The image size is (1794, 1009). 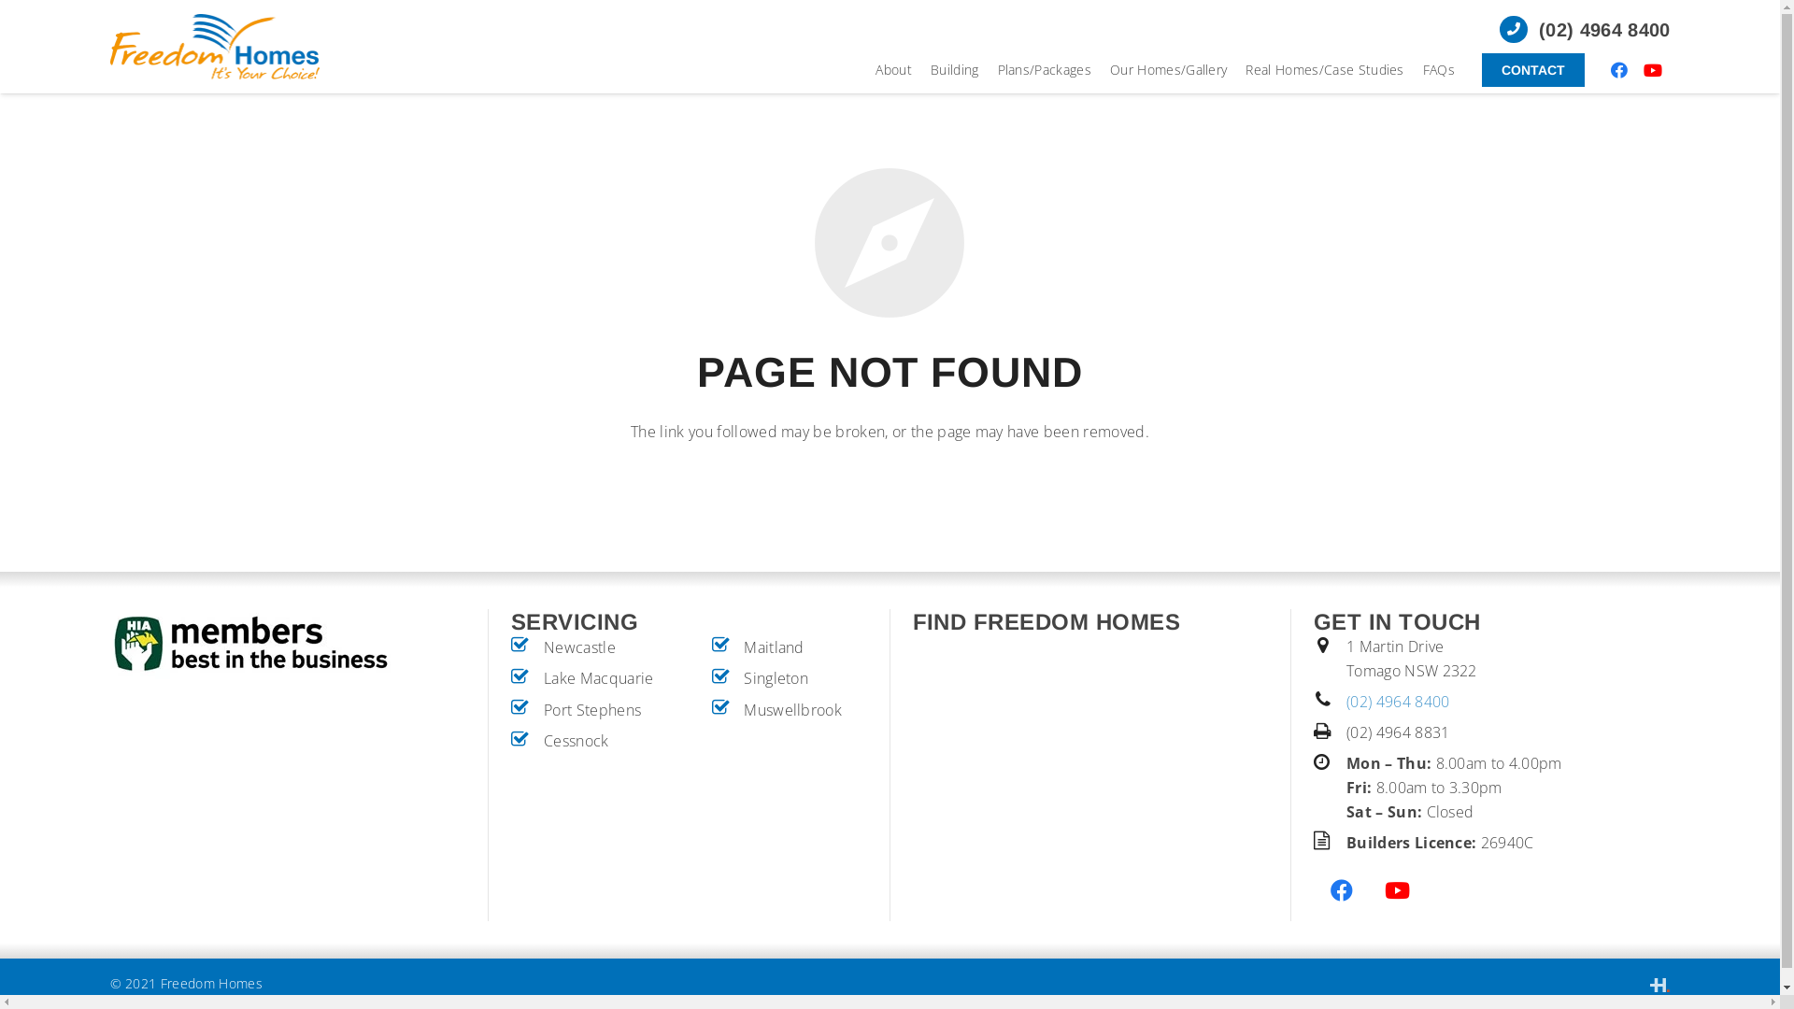 What do you see at coordinates (955, 68) in the screenshot?
I see `'Building'` at bounding box center [955, 68].